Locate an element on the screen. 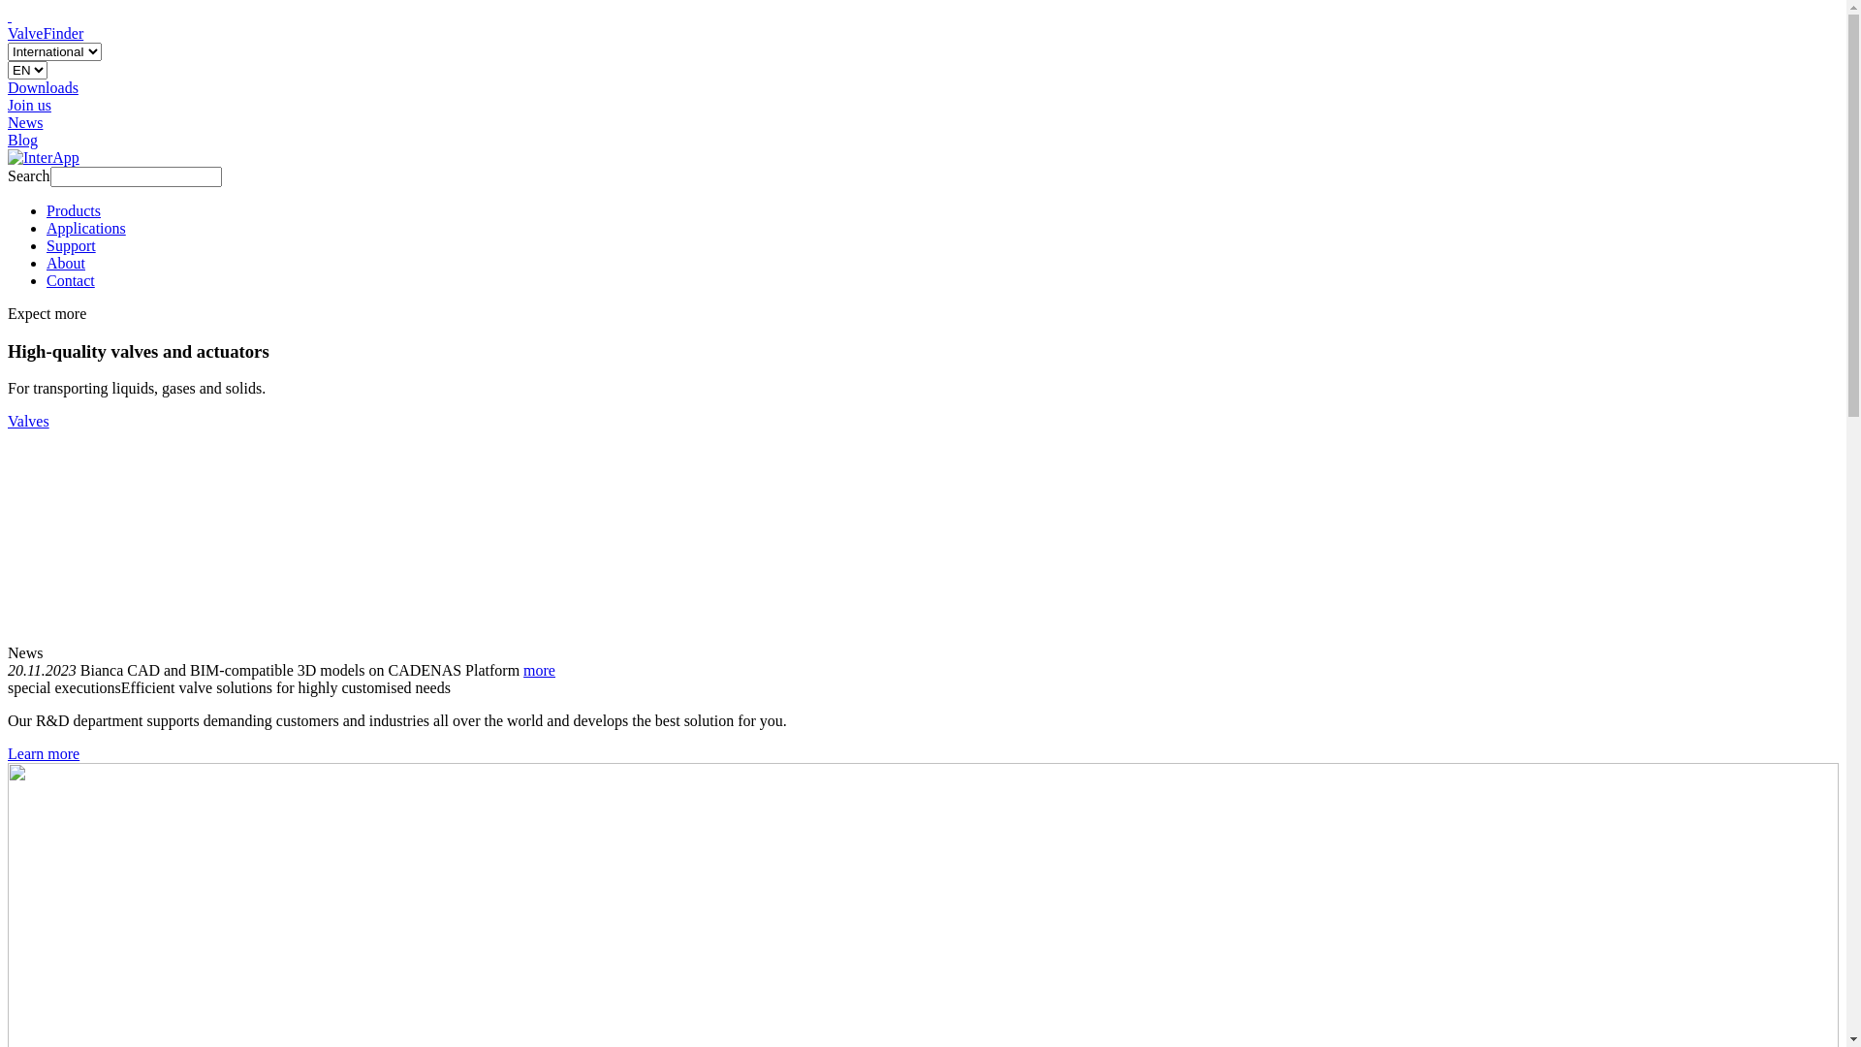 This screenshot has width=1861, height=1047. 'Support' is located at coordinates (71, 244).